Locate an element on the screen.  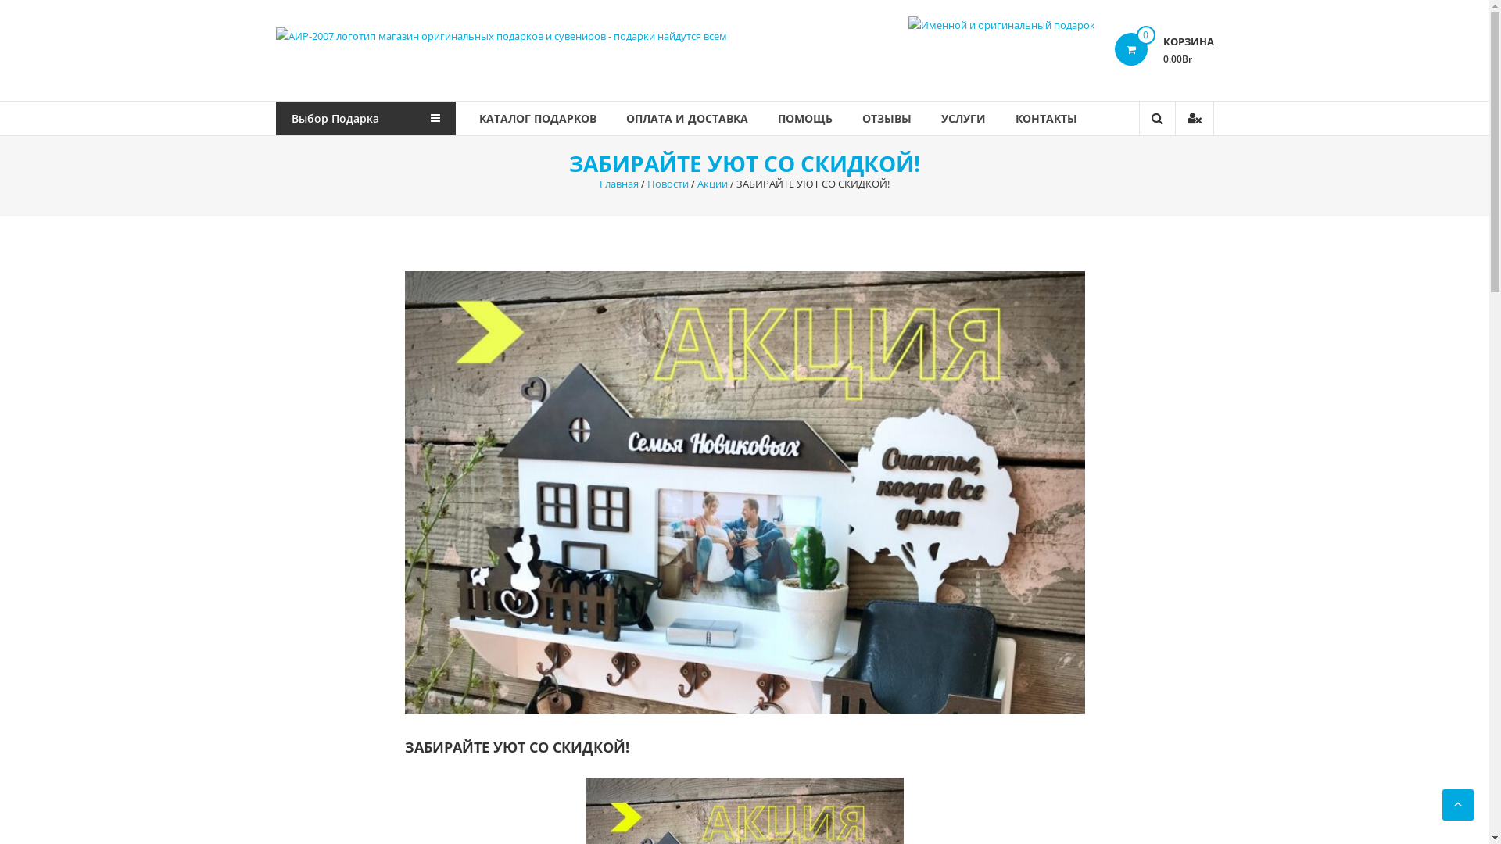
'0' is located at coordinates (1130, 48).